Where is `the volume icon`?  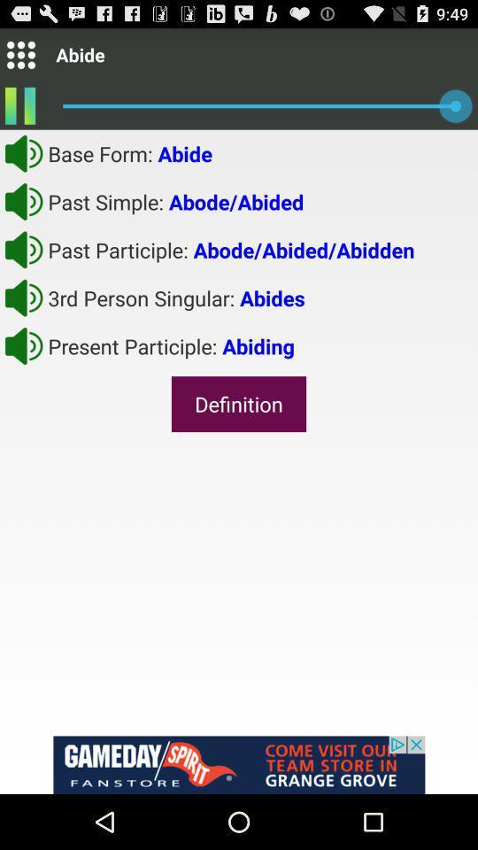 the volume icon is located at coordinates (23, 214).